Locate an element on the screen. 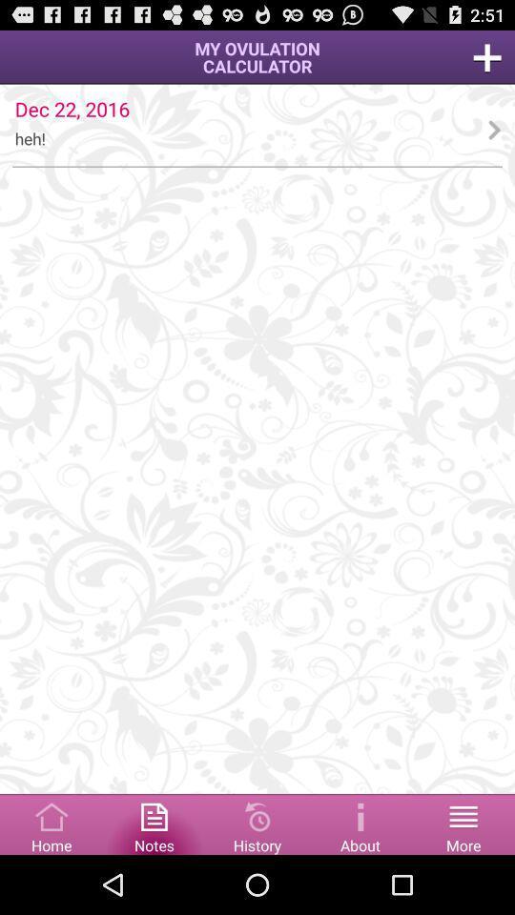  see more options is located at coordinates (463, 823).